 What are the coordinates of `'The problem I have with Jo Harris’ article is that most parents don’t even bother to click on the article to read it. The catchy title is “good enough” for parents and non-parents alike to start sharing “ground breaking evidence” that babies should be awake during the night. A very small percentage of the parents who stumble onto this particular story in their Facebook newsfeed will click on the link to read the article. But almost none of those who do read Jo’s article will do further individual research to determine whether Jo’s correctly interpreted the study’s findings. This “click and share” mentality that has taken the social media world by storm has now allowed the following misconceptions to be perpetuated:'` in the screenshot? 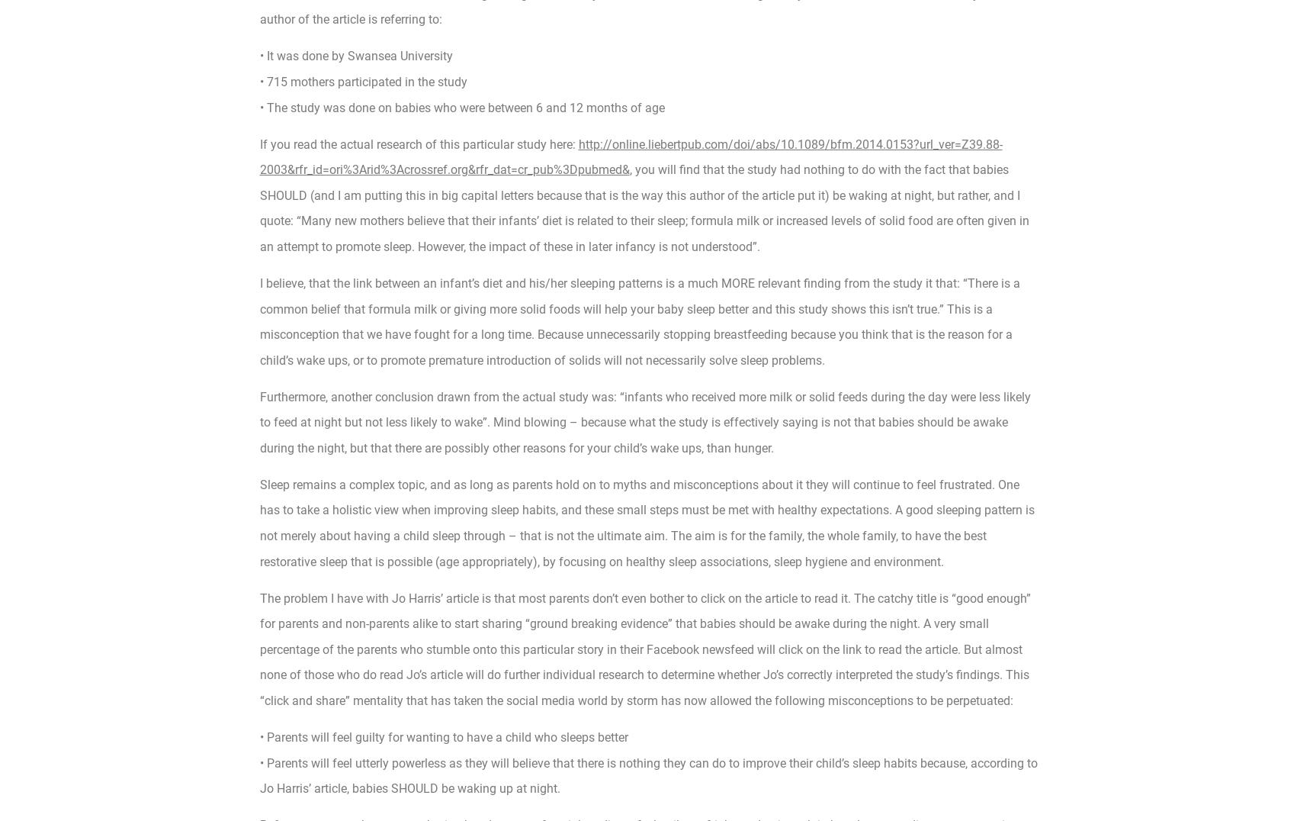 It's located at (259, 649).